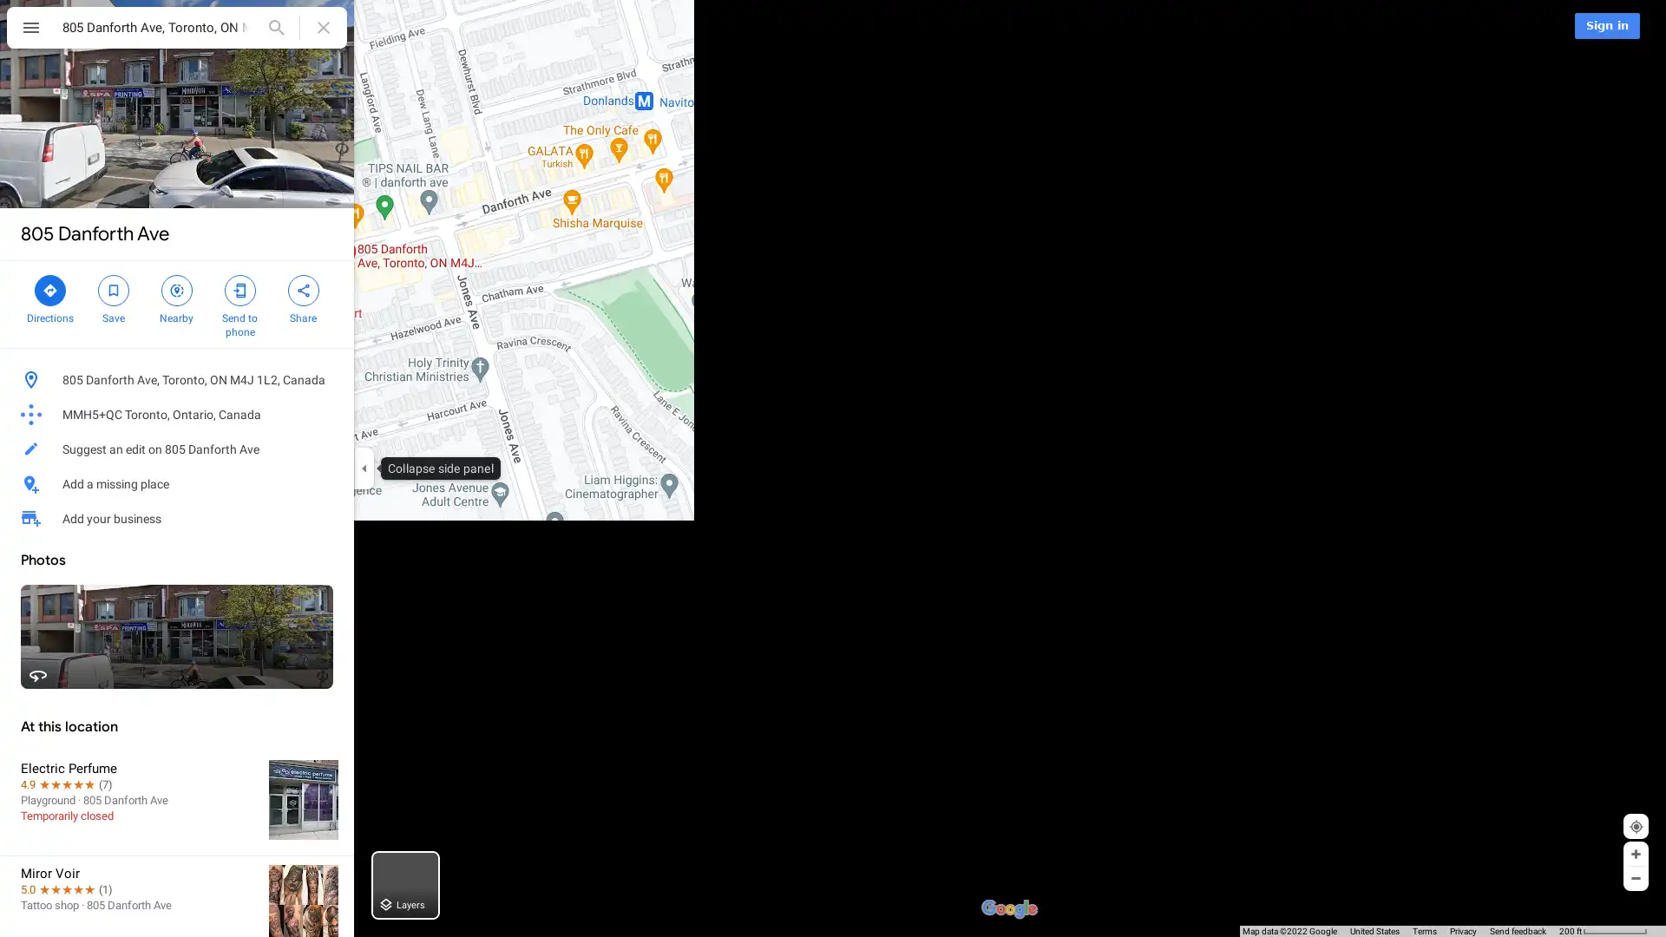 The image size is (1666, 937). Describe the element at coordinates (509, 27) in the screenshot. I see `Hotels` at that location.